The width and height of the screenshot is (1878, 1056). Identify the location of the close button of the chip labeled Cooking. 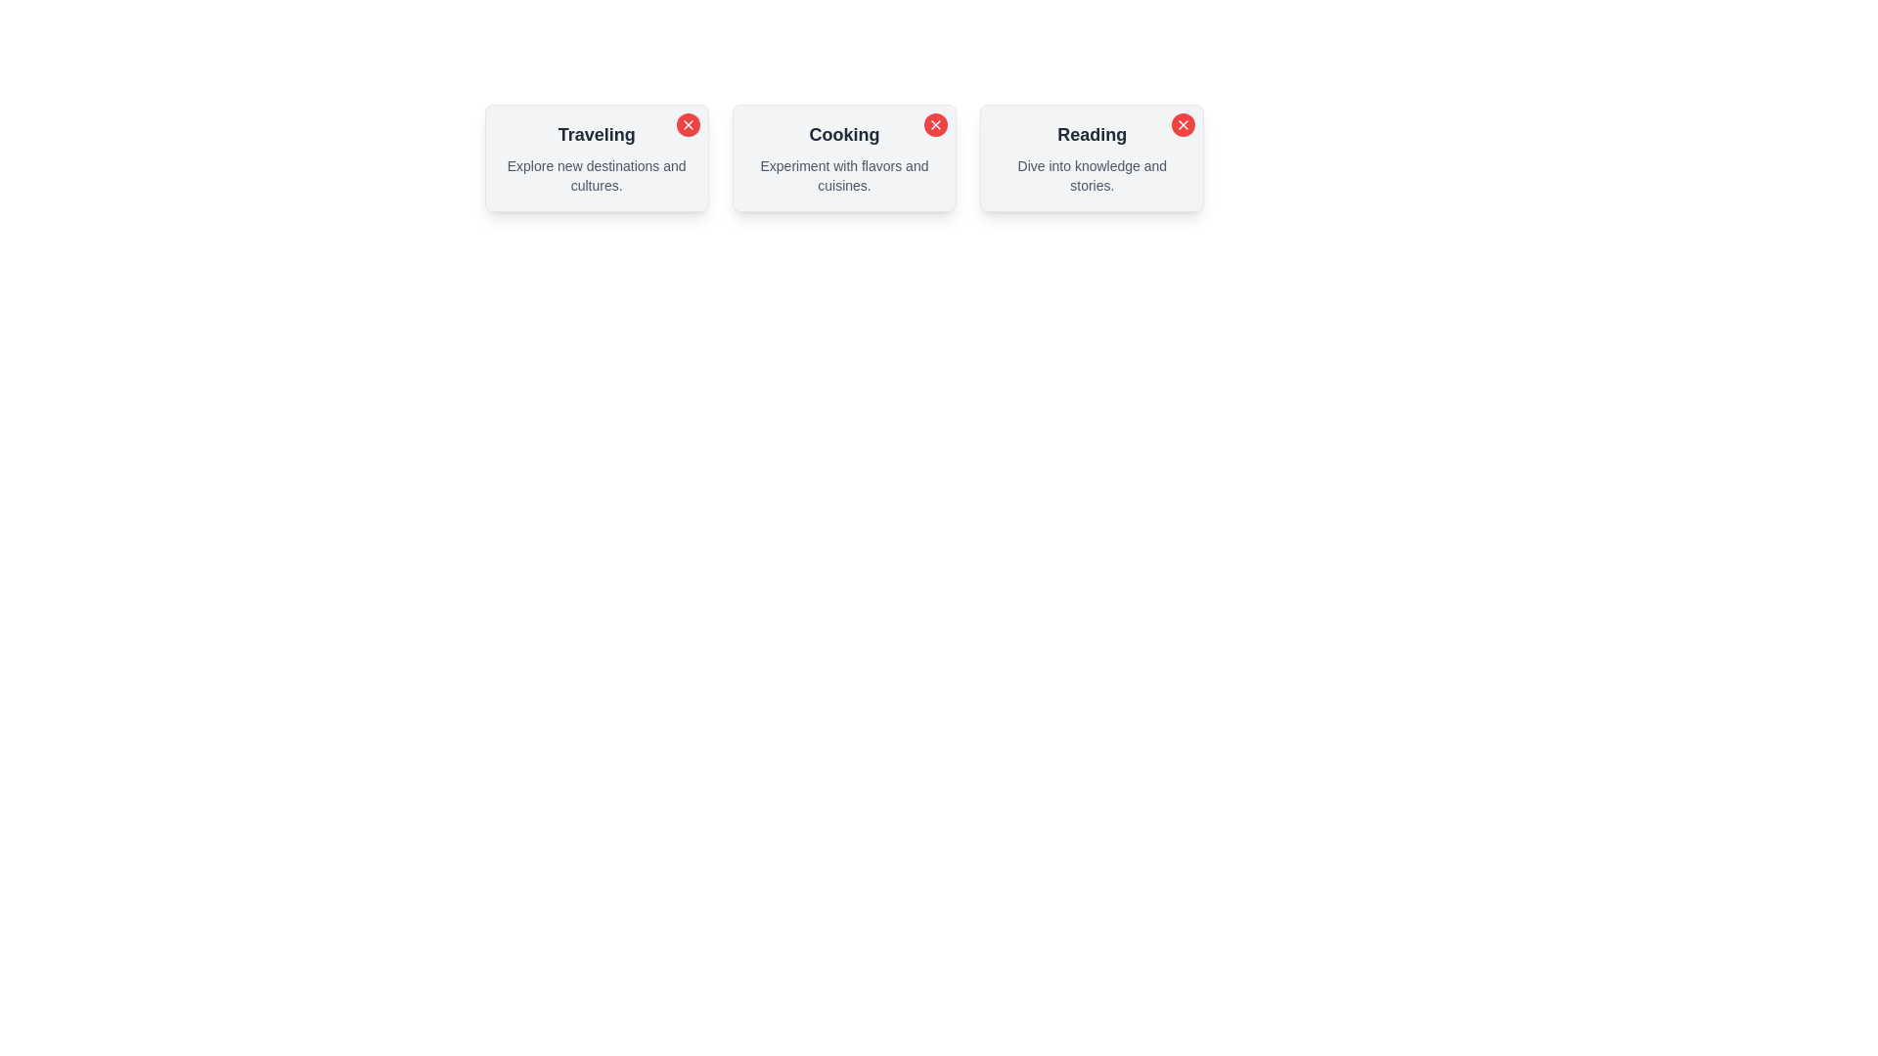
(935, 124).